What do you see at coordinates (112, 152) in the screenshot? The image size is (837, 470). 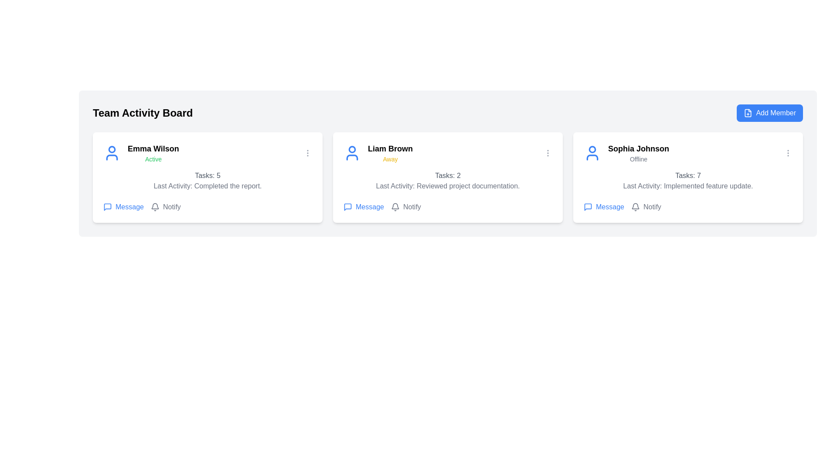 I see `the blue user icon with a circular head and torso located in the first card on the 'Team Activity Board' above the name 'Emma Wilson'` at bounding box center [112, 152].